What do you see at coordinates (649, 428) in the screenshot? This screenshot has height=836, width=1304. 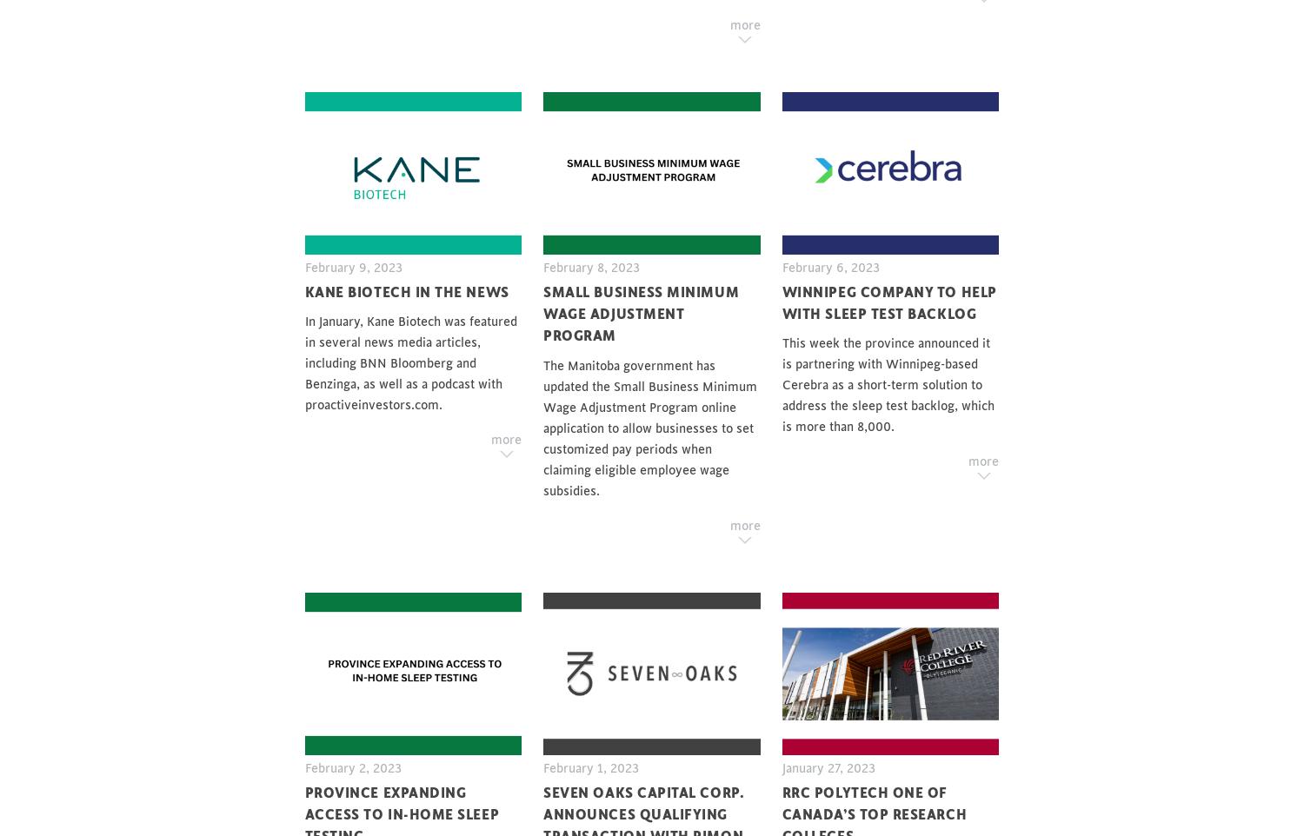 I see `'The Manitoba government has updated the Small Business Minimum Wage Adjustment Program online application to allow businesses to set customized pay periods when claiming eligible employee wage subsidies.'` at bounding box center [649, 428].